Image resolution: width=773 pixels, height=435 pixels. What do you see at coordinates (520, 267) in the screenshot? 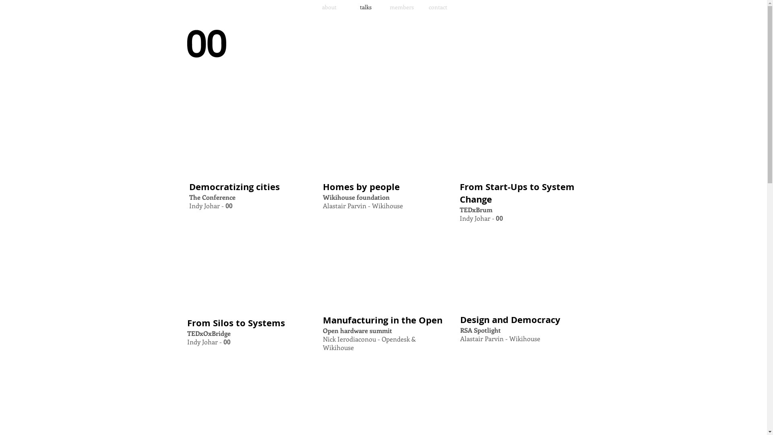
I see `'External YouTube'` at bounding box center [520, 267].